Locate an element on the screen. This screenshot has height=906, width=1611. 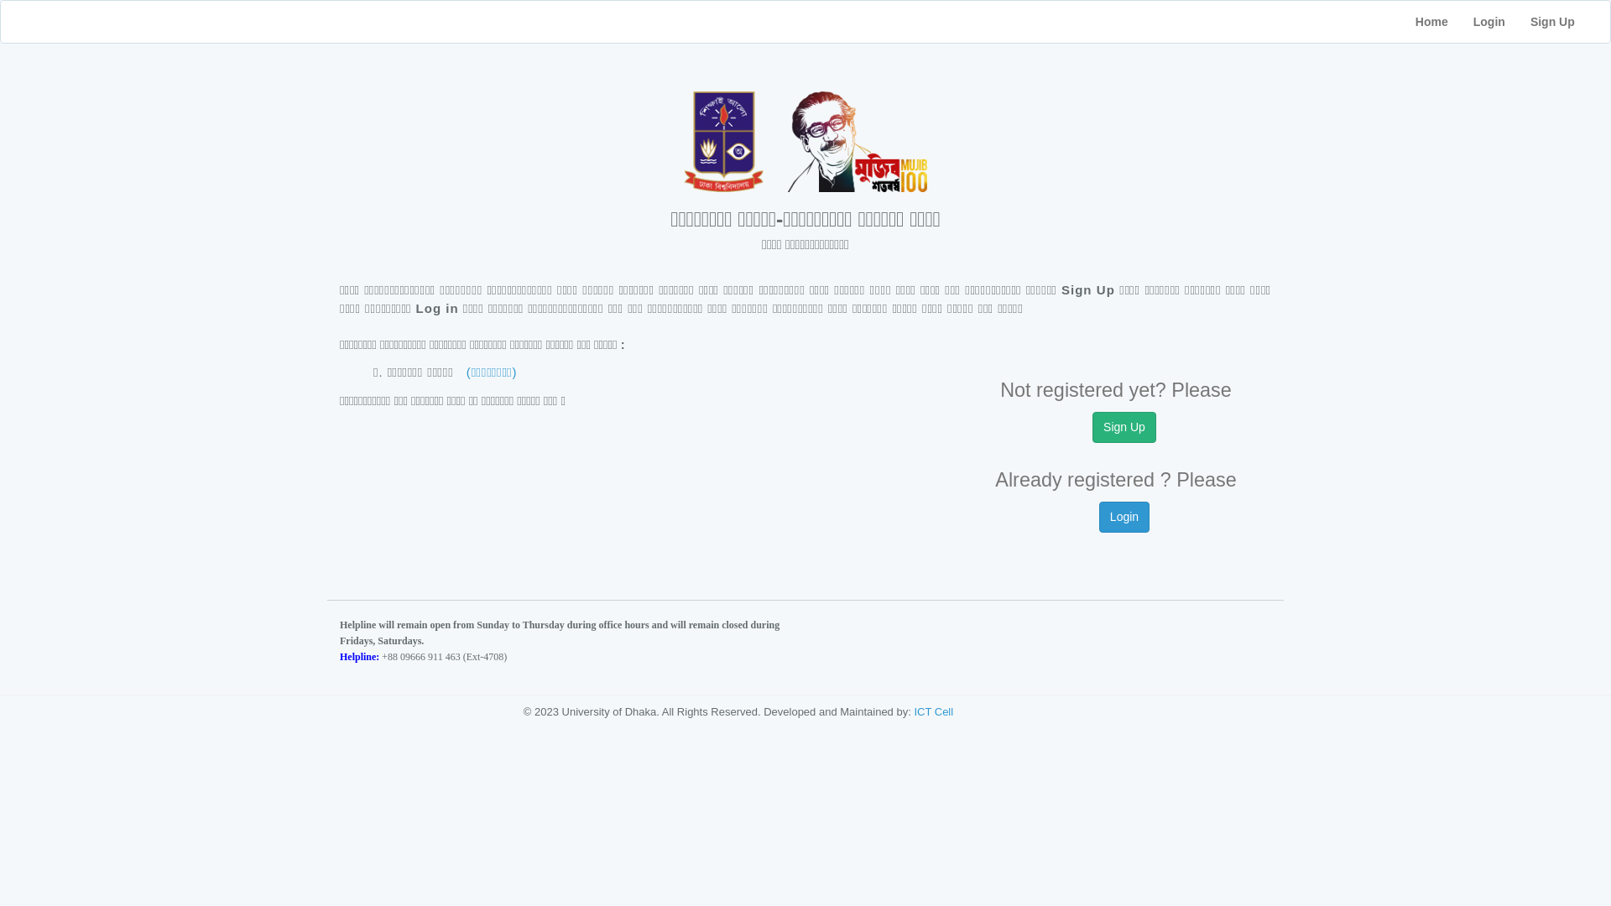
'Login' is located at coordinates (1124, 516).